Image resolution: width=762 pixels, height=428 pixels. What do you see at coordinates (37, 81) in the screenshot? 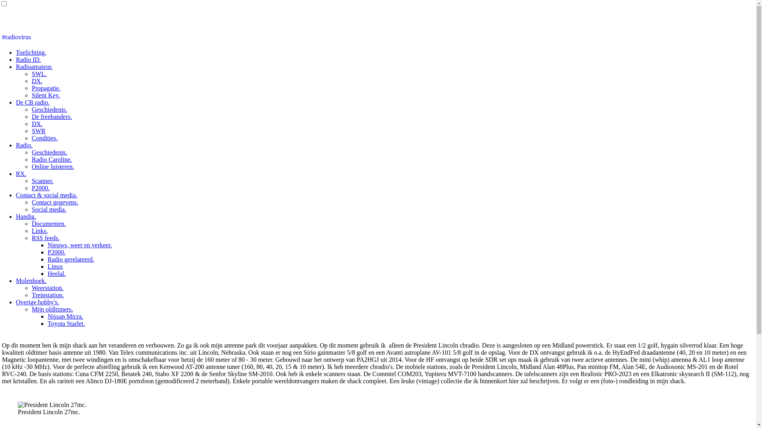
I see `'DX.'` at bounding box center [37, 81].